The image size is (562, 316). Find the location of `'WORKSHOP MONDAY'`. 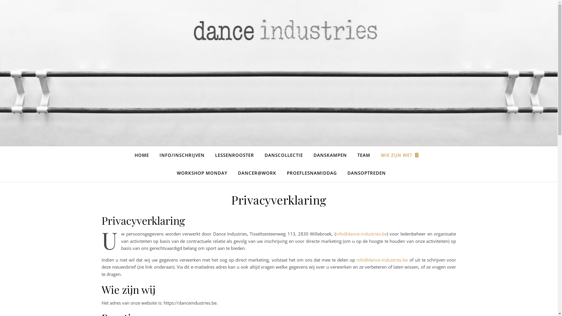

'WORKSHOP MONDAY' is located at coordinates (202, 172).